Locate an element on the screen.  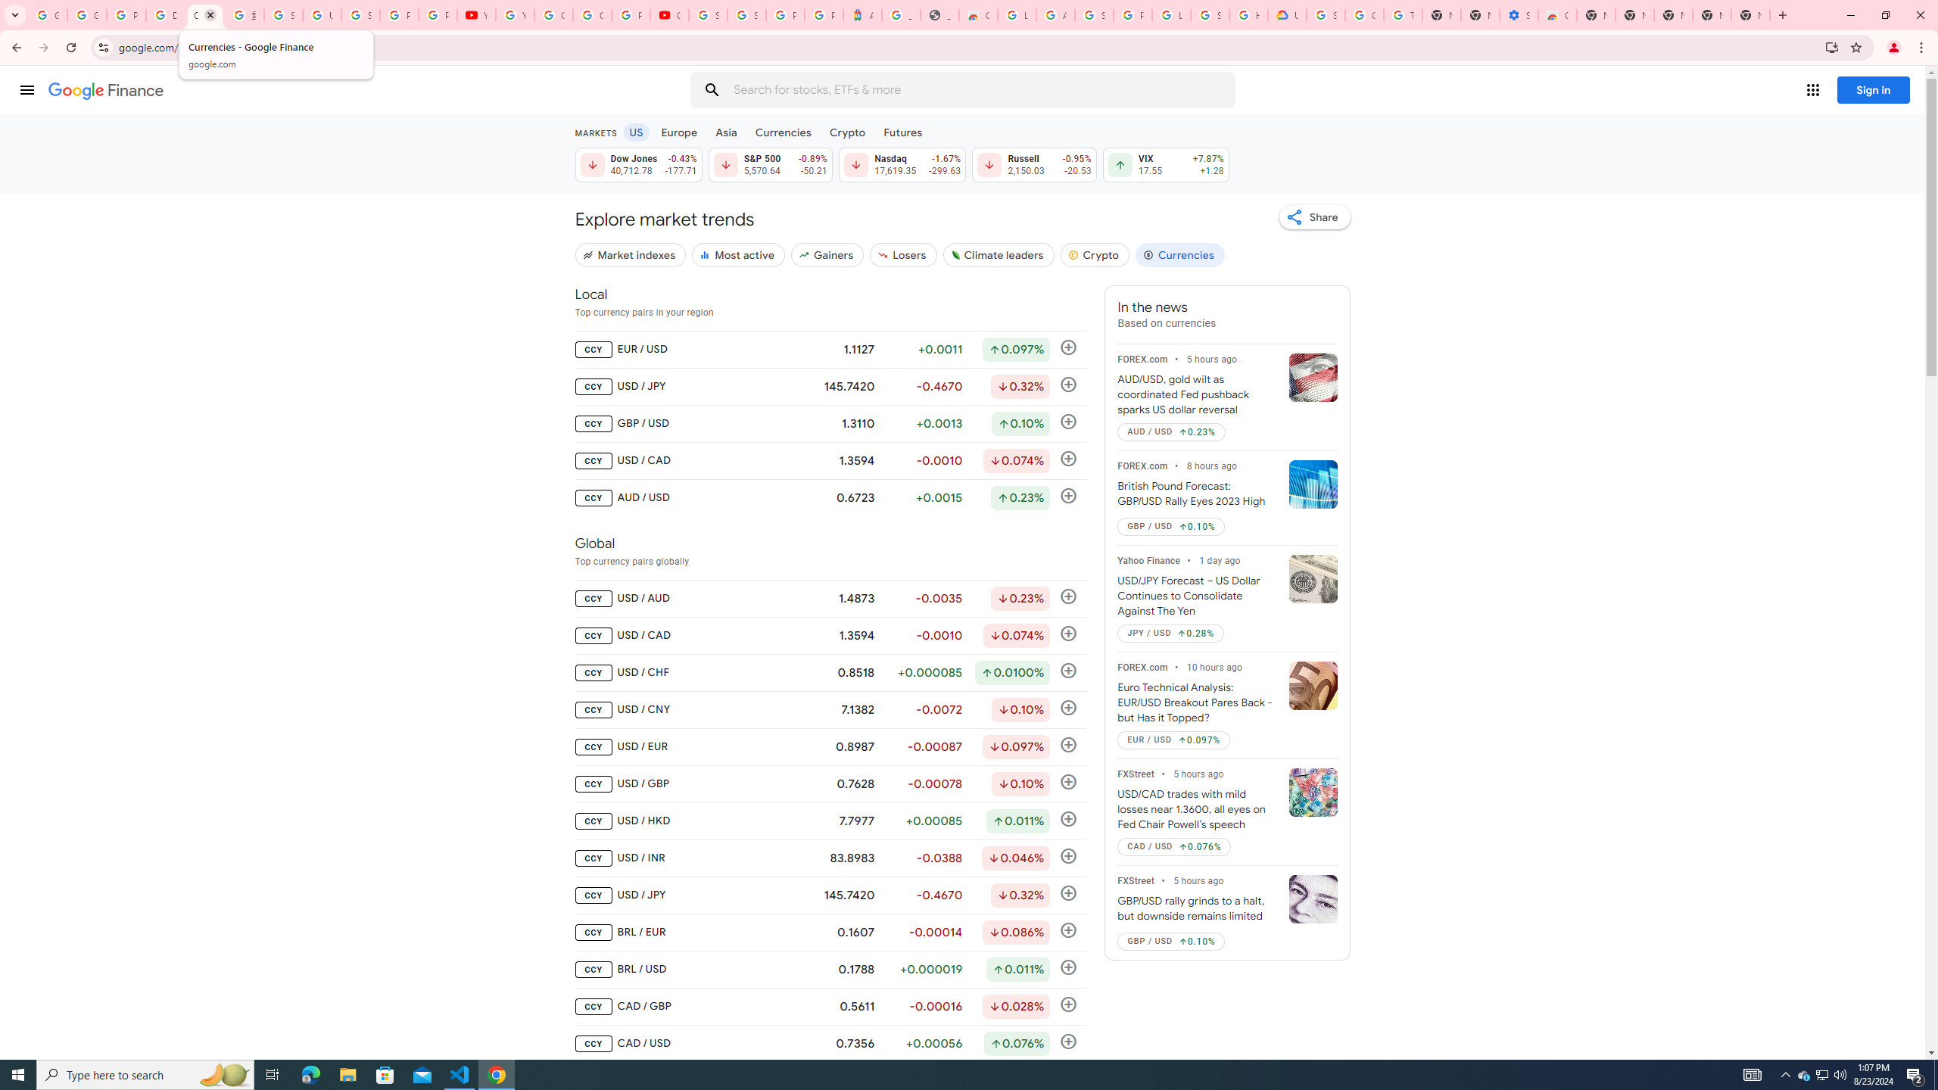
'CCY EUR / USD 1.1127 +0.0011 Up by 0.078% Follow' is located at coordinates (830, 350).